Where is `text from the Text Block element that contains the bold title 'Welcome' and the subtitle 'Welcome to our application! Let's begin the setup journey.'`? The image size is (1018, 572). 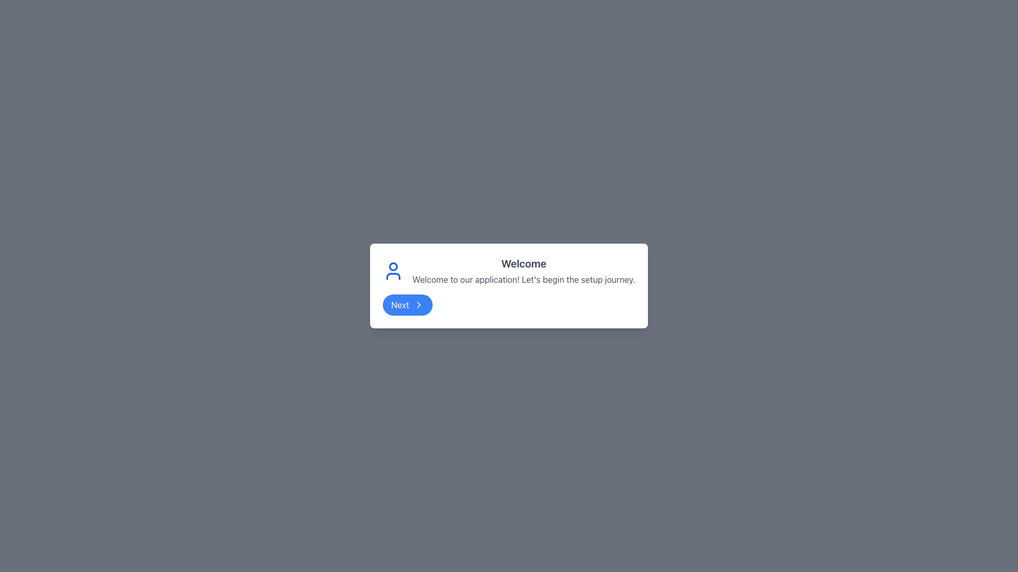
text from the Text Block element that contains the bold title 'Welcome' and the subtitle 'Welcome to our application! Let's begin the setup journey.' is located at coordinates (524, 271).